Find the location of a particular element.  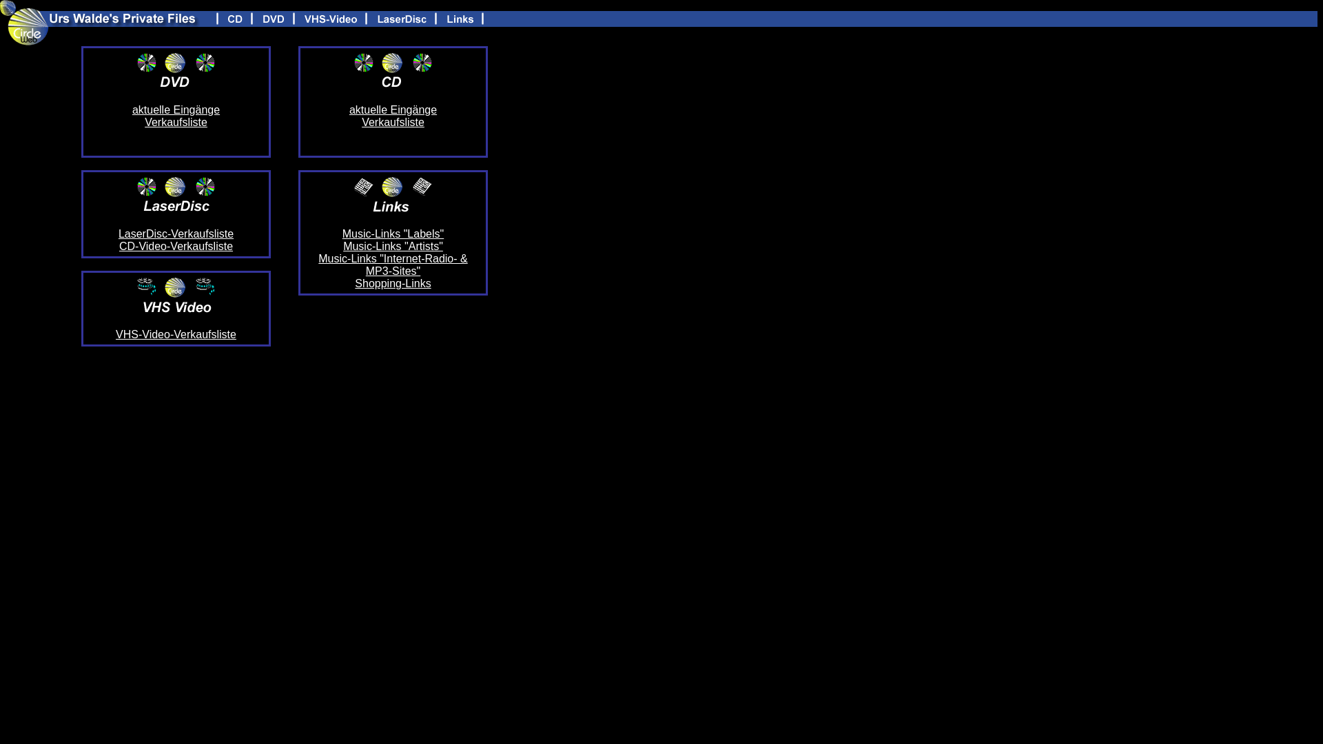

'Music-Links "Labels"' is located at coordinates (342, 233).